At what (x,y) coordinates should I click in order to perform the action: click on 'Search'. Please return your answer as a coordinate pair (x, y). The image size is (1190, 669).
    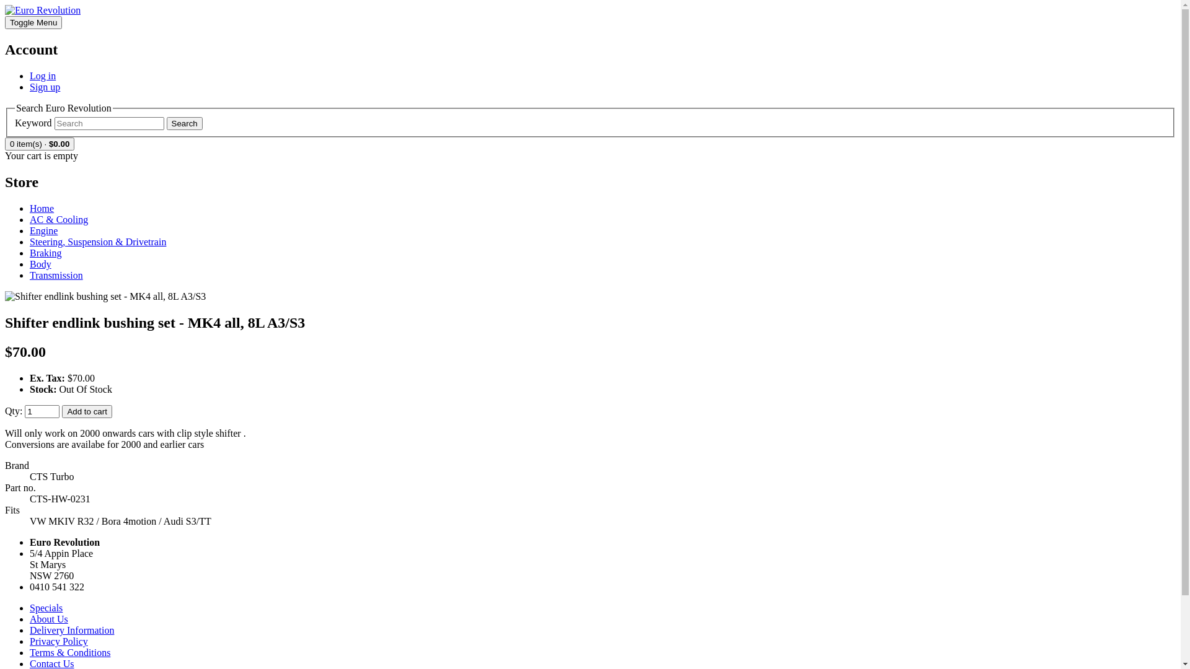
    Looking at the image, I should click on (165, 123).